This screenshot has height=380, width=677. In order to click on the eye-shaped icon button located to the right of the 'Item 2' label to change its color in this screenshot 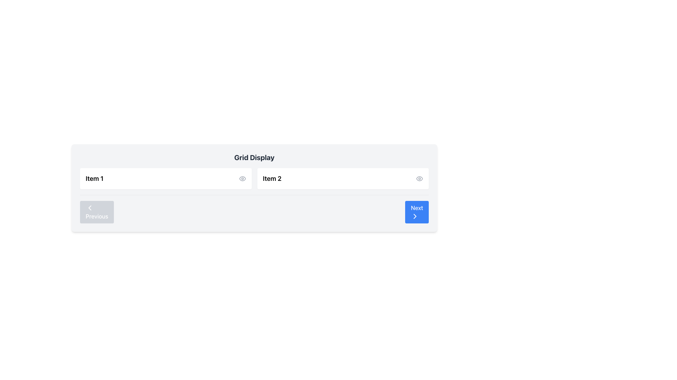, I will do `click(420, 178)`.